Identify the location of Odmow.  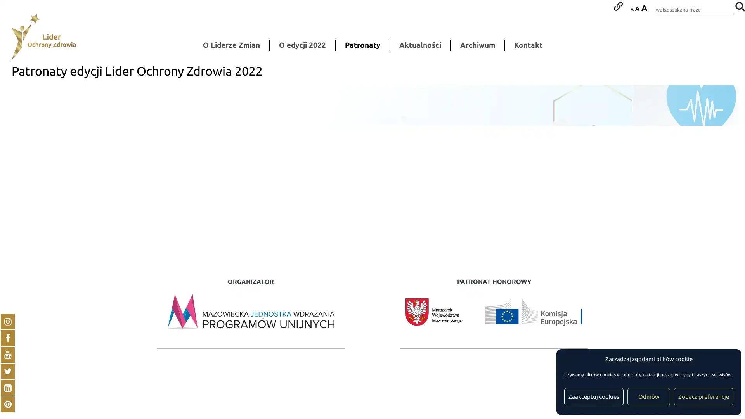
(648, 396).